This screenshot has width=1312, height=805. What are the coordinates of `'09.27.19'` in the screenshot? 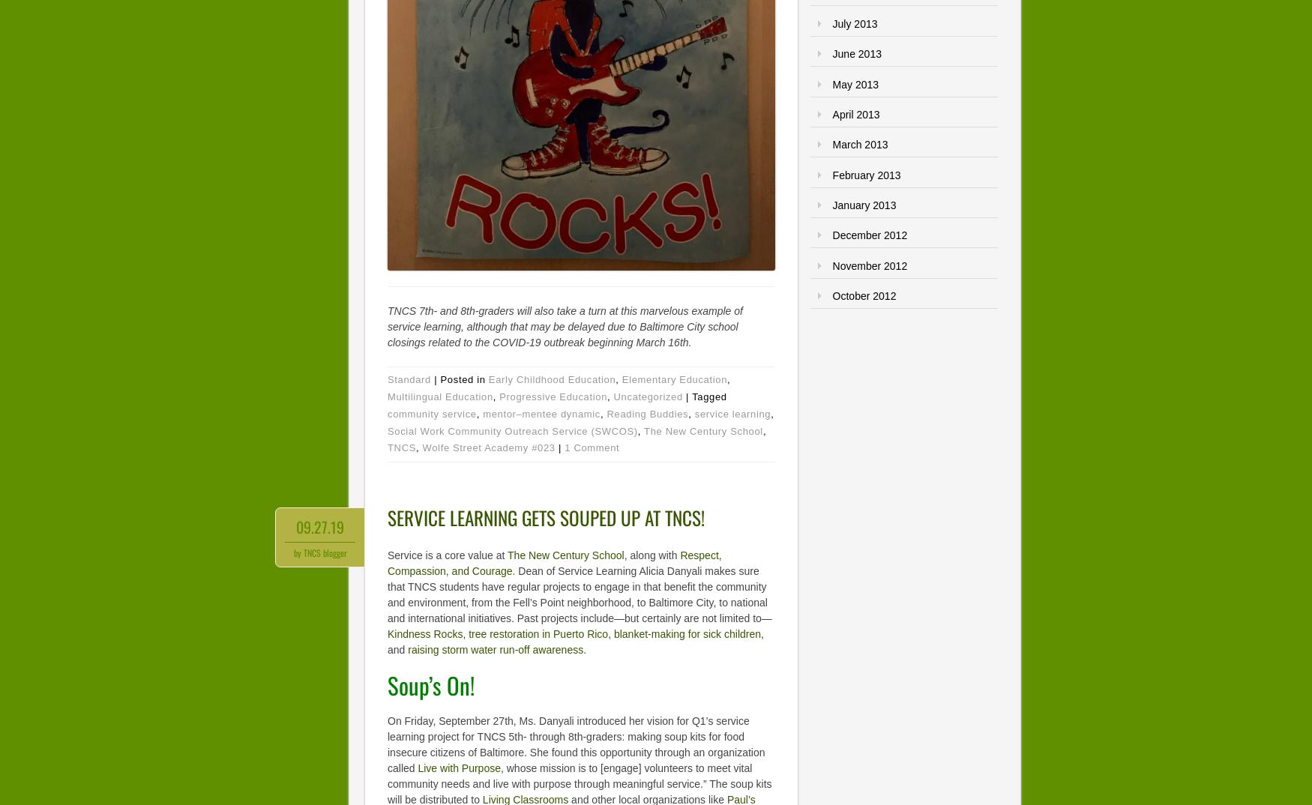 It's located at (319, 527).